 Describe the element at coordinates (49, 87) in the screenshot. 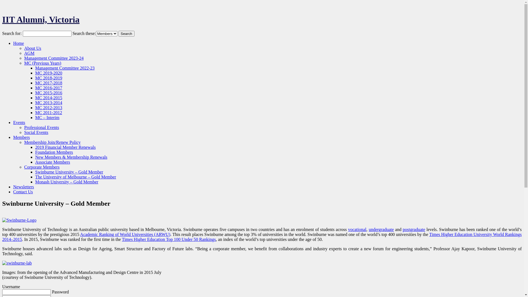

I see `'MC 2016-2017'` at that location.